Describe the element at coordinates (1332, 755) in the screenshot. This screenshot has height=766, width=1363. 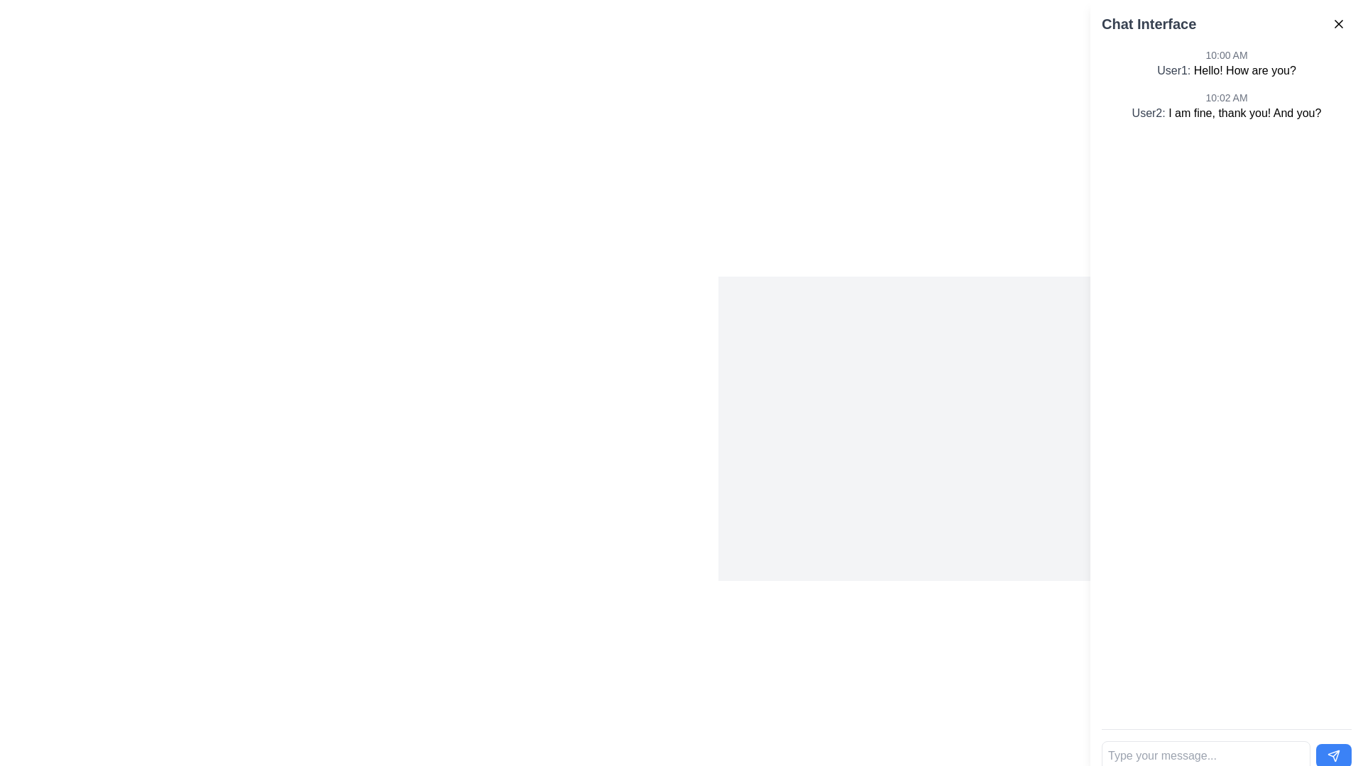
I see `the send message icon button, which has a blue background and is located at the bottom-right corner of the chat interface, next to the text input area` at that location.